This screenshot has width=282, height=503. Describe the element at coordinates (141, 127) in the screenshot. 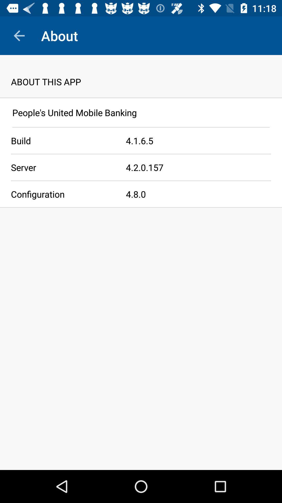

I see `the item below people s united app` at that location.